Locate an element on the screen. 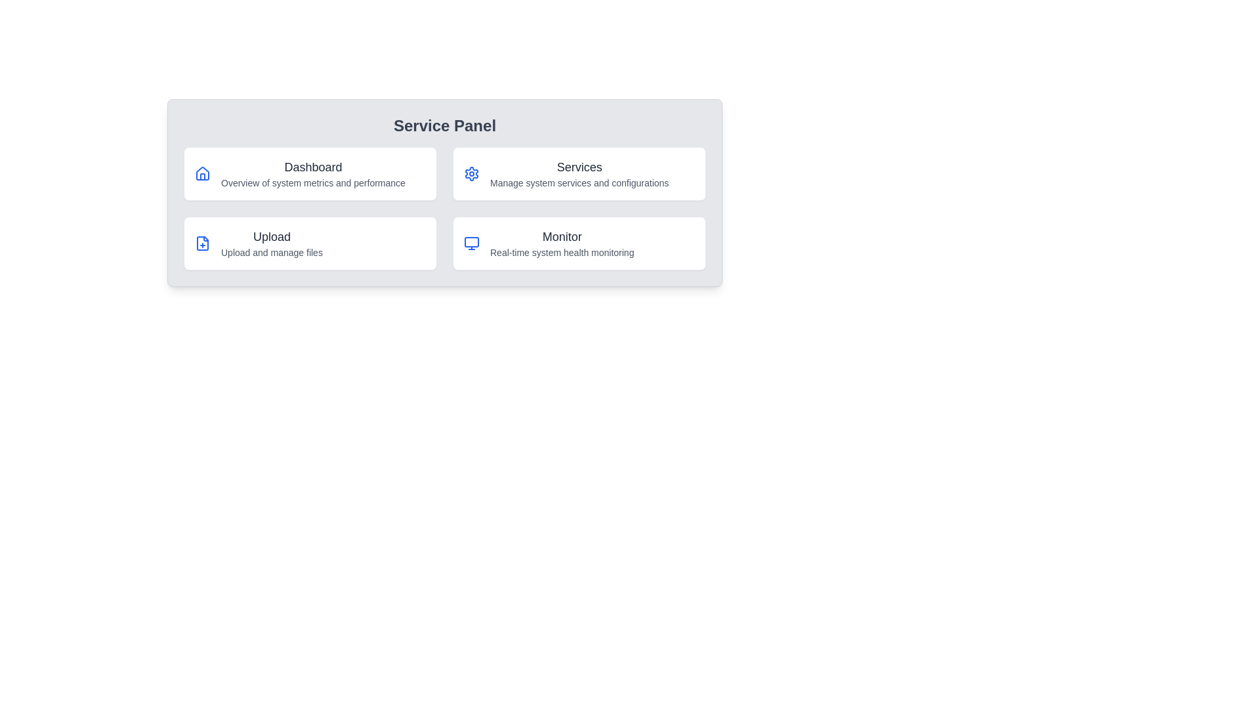 The image size is (1260, 709). 'Dashboard' text label, which is a bold and large dark gray label located in the upper-left quadrant of the Service Panel section is located at coordinates (312, 166).